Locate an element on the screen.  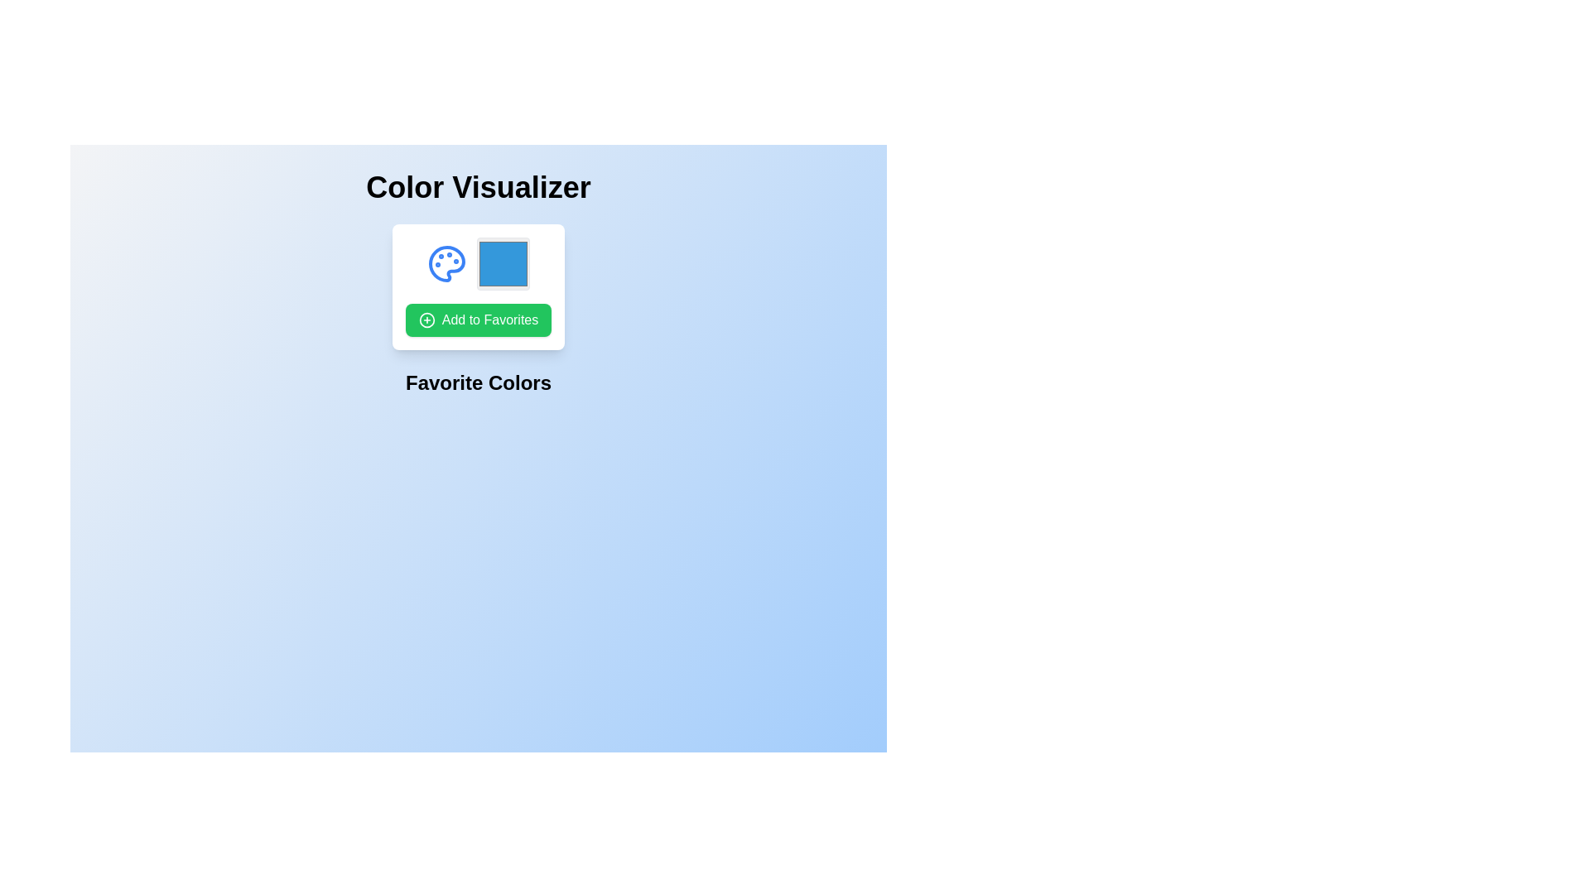
the painter's palette icon, which is centrally positioned within the white card component and located to the left of a solid color square representation is located at coordinates (446, 263).